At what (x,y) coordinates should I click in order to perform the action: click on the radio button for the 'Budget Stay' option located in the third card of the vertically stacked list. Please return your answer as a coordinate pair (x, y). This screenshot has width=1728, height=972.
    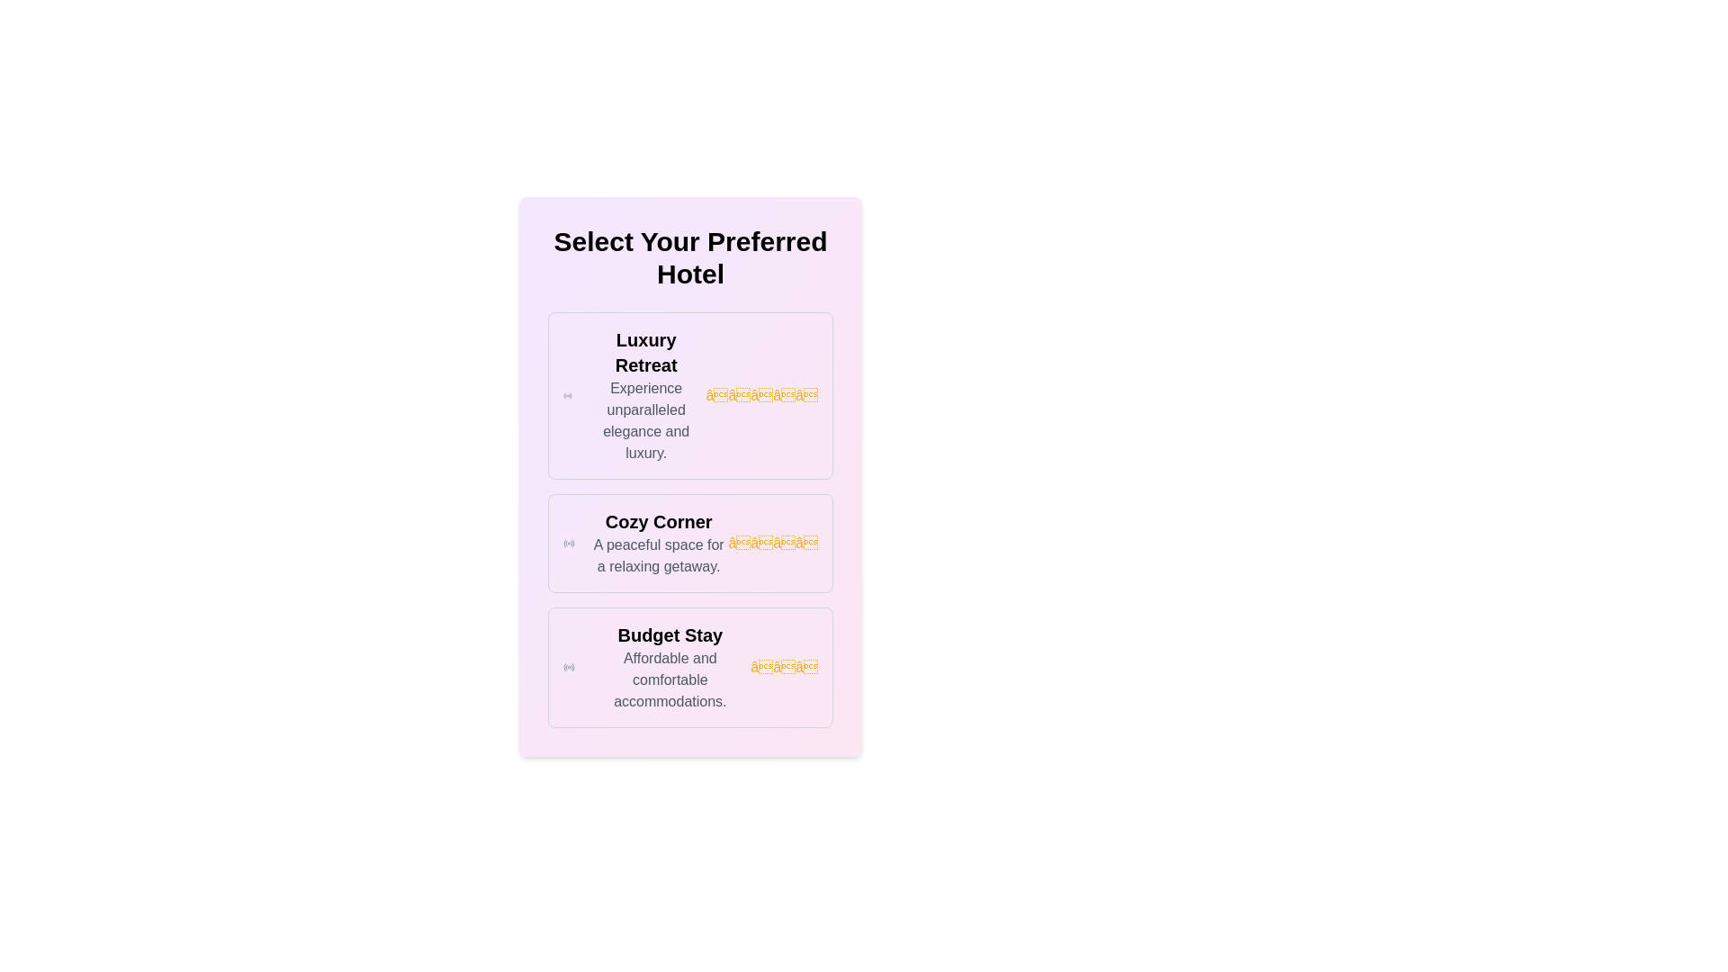
    Looking at the image, I should click on (568, 667).